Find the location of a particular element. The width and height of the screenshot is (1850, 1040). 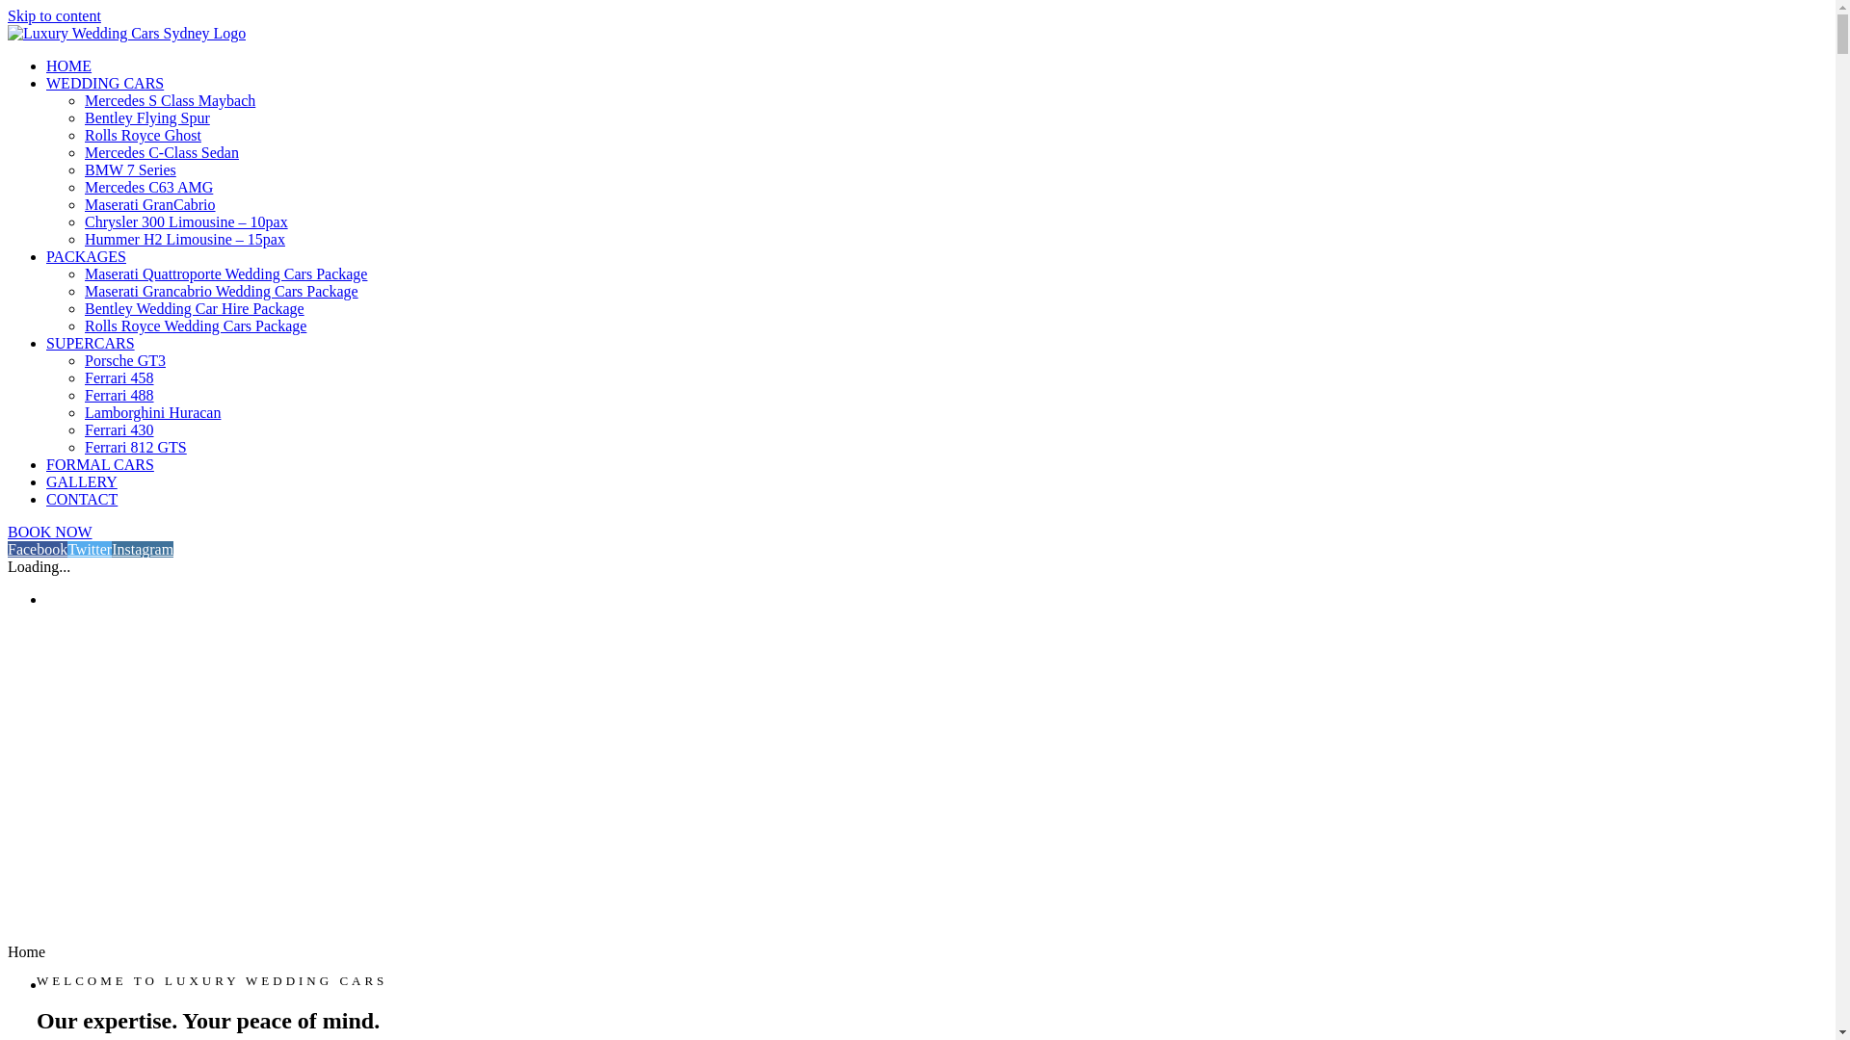

'Facebook' is located at coordinates (8, 549).